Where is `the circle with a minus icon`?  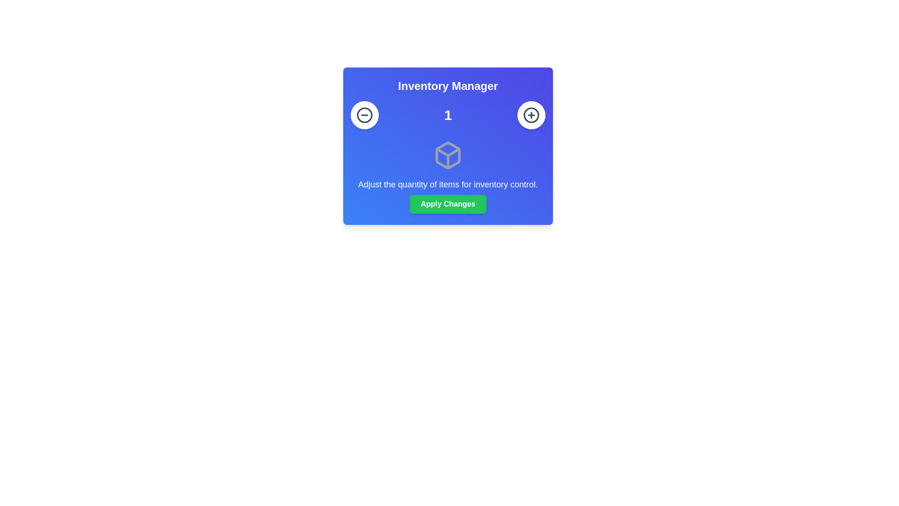 the circle with a minus icon is located at coordinates (364, 115).